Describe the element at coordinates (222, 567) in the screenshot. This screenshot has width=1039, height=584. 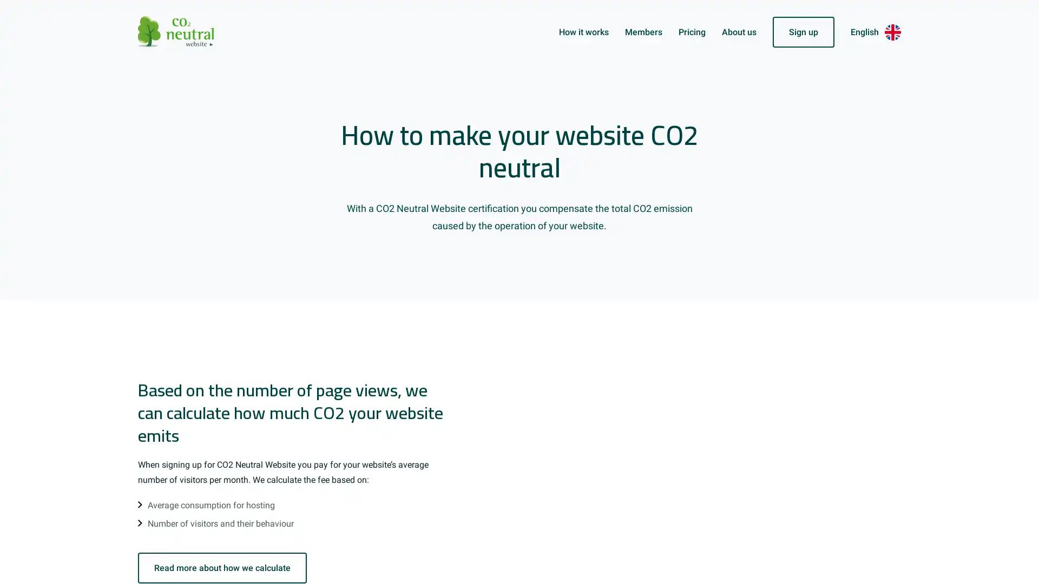
I see `Read more about how we calculate` at that location.